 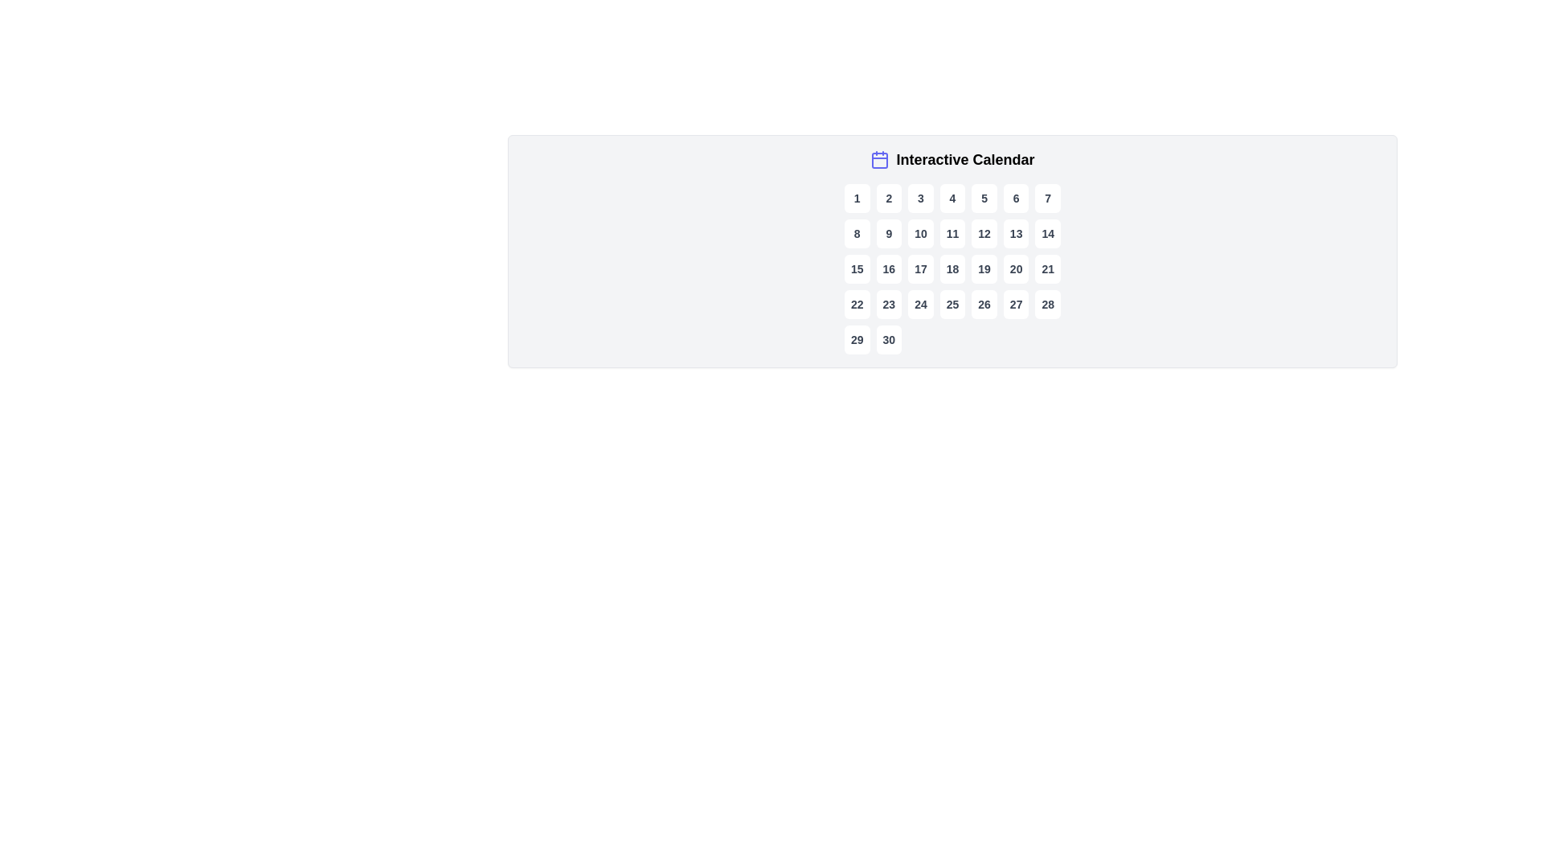 What do you see at coordinates (952, 268) in the screenshot?
I see `a date button in the interactive calendar grid` at bounding box center [952, 268].